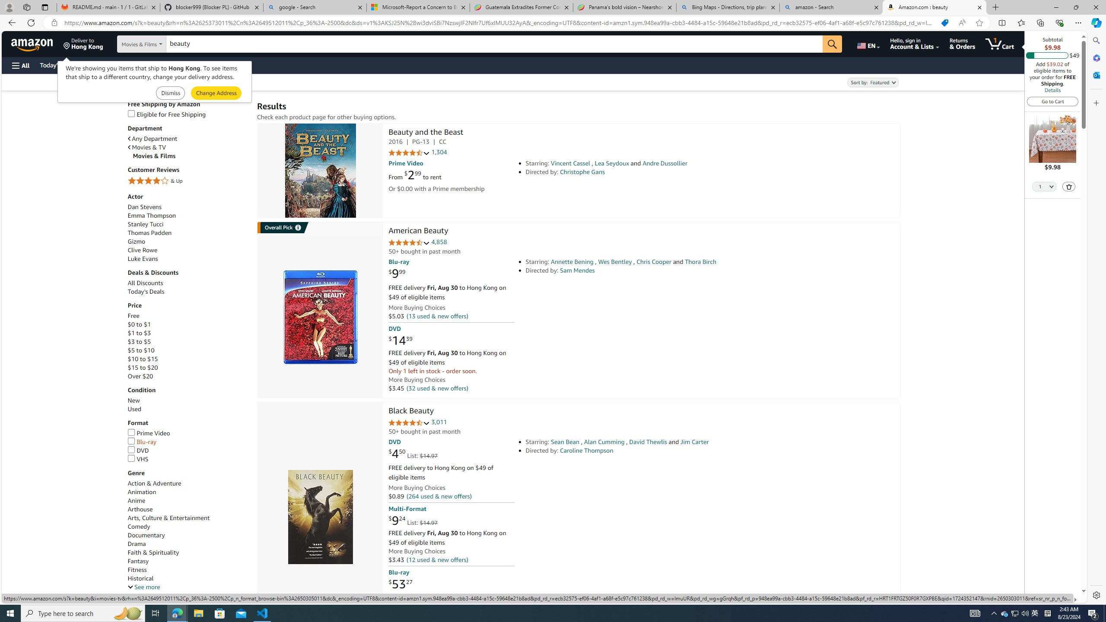 The image size is (1106, 622). What do you see at coordinates (143, 250) in the screenshot?
I see `'Clive Rowe'` at bounding box center [143, 250].